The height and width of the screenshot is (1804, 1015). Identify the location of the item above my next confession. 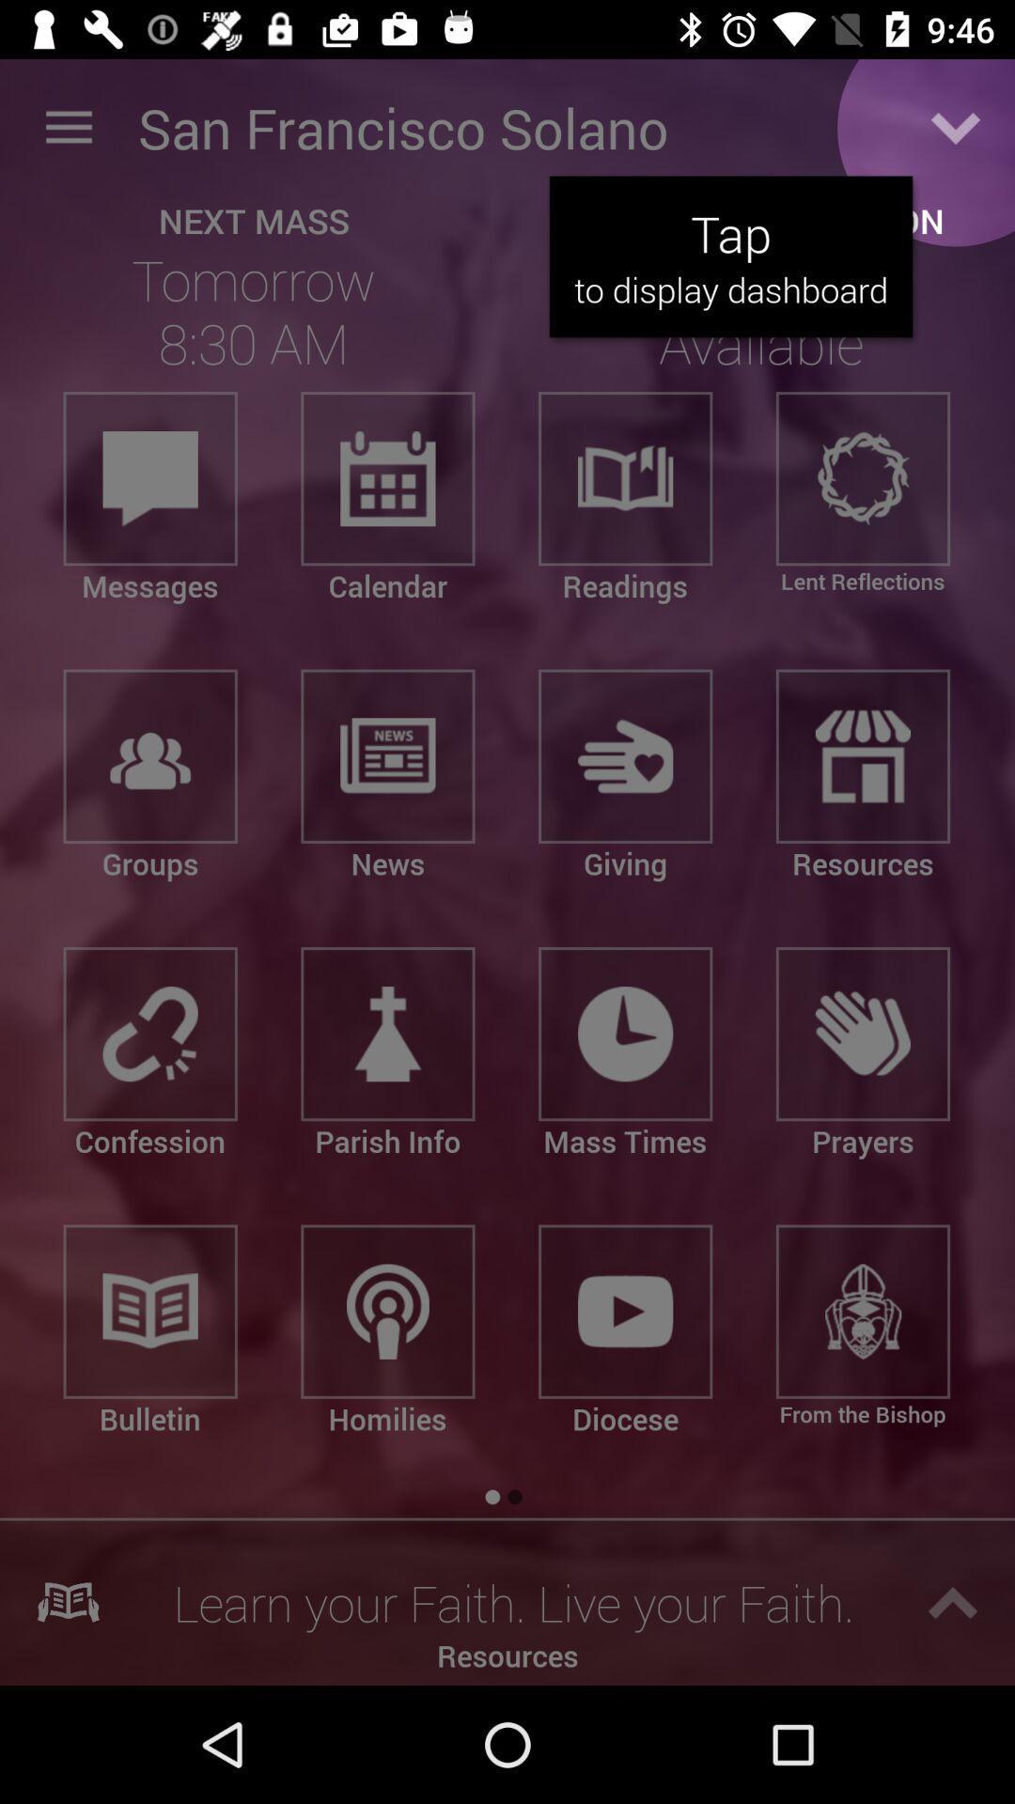
(956, 127).